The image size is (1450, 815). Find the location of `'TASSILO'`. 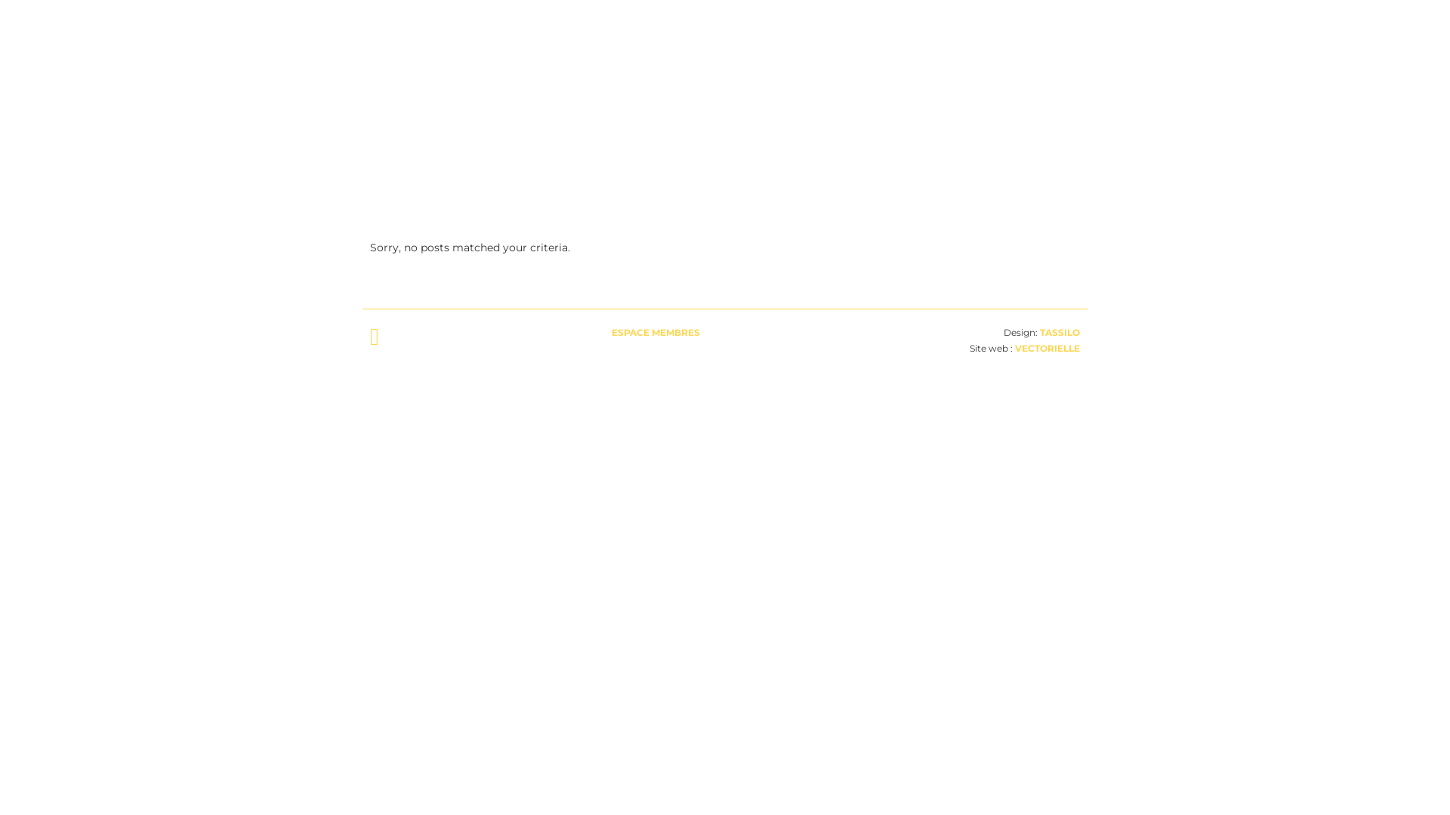

'TASSILO' is located at coordinates (1059, 331).